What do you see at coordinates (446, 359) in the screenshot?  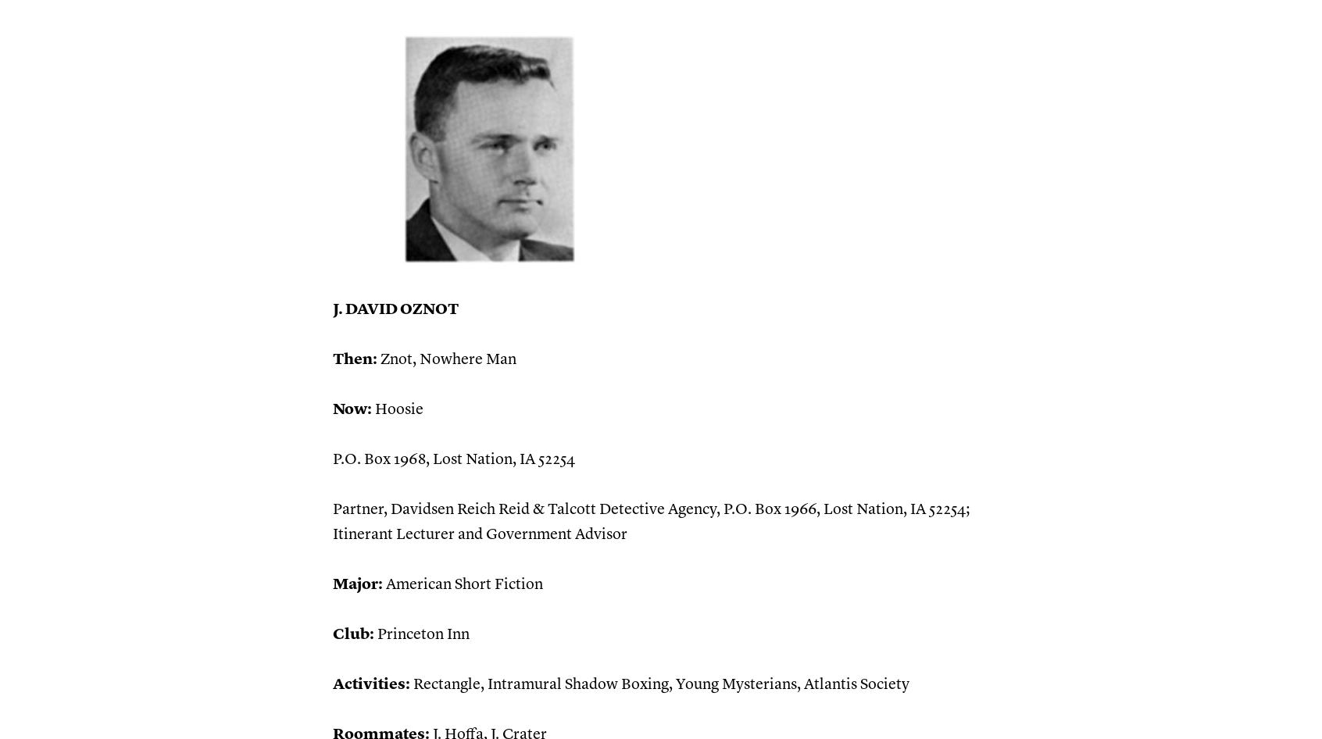 I see `'Znot, Nowhere Man'` at bounding box center [446, 359].